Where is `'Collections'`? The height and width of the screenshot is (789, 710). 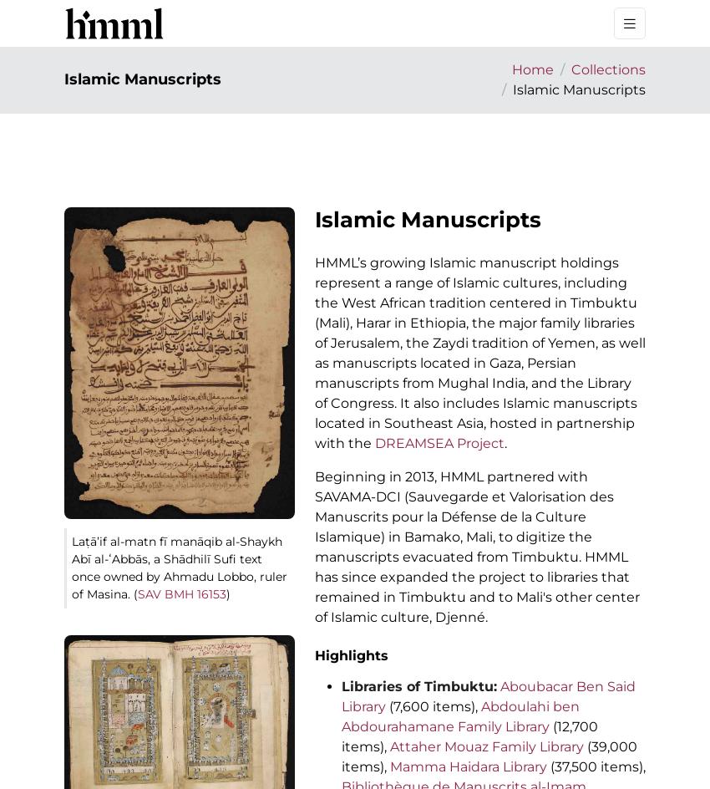
'Collections' is located at coordinates (608, 69).